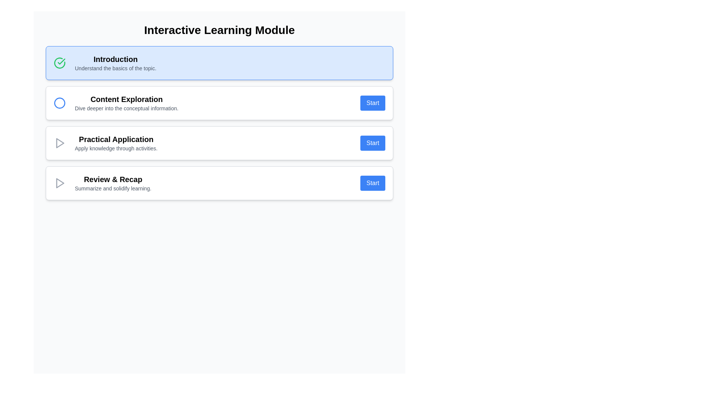 The image size is (726, 408). What do you see at coordinates (373, 183) in the screenshot?
I see `the rounded blue button labeled 'Start' located at the bottom-right of the 'Review & Recap' card within the 'Interactive Learning Module' section to visualize the hover effect` at bounding box center [373, 183].